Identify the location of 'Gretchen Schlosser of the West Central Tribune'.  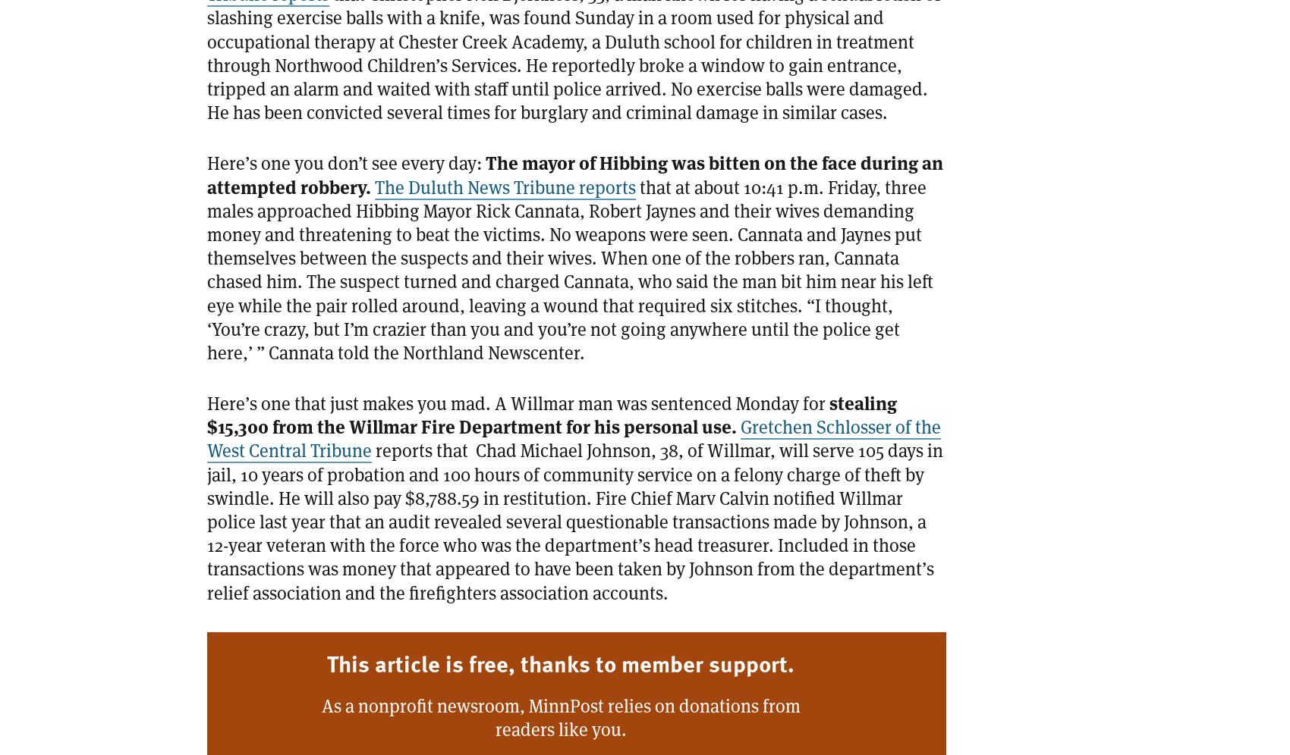
(573, 437).